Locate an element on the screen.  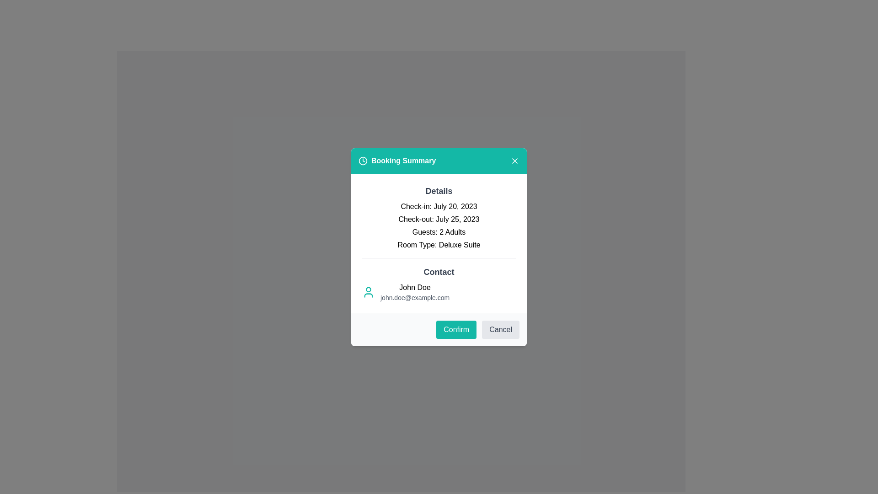
the Informational Text Block displaying booking details, positioned centrally beneath the header 'Details' and above 'Contact' is located at coordinates (439, 226).